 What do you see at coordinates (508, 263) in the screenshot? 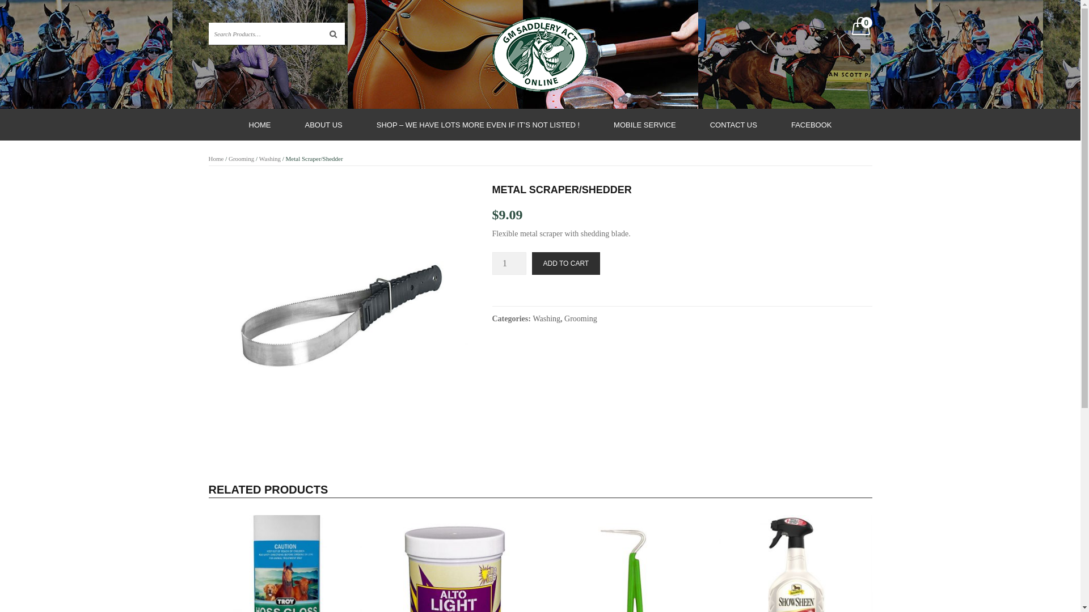
I see `'Qty'` at bounding box center [508, 263].